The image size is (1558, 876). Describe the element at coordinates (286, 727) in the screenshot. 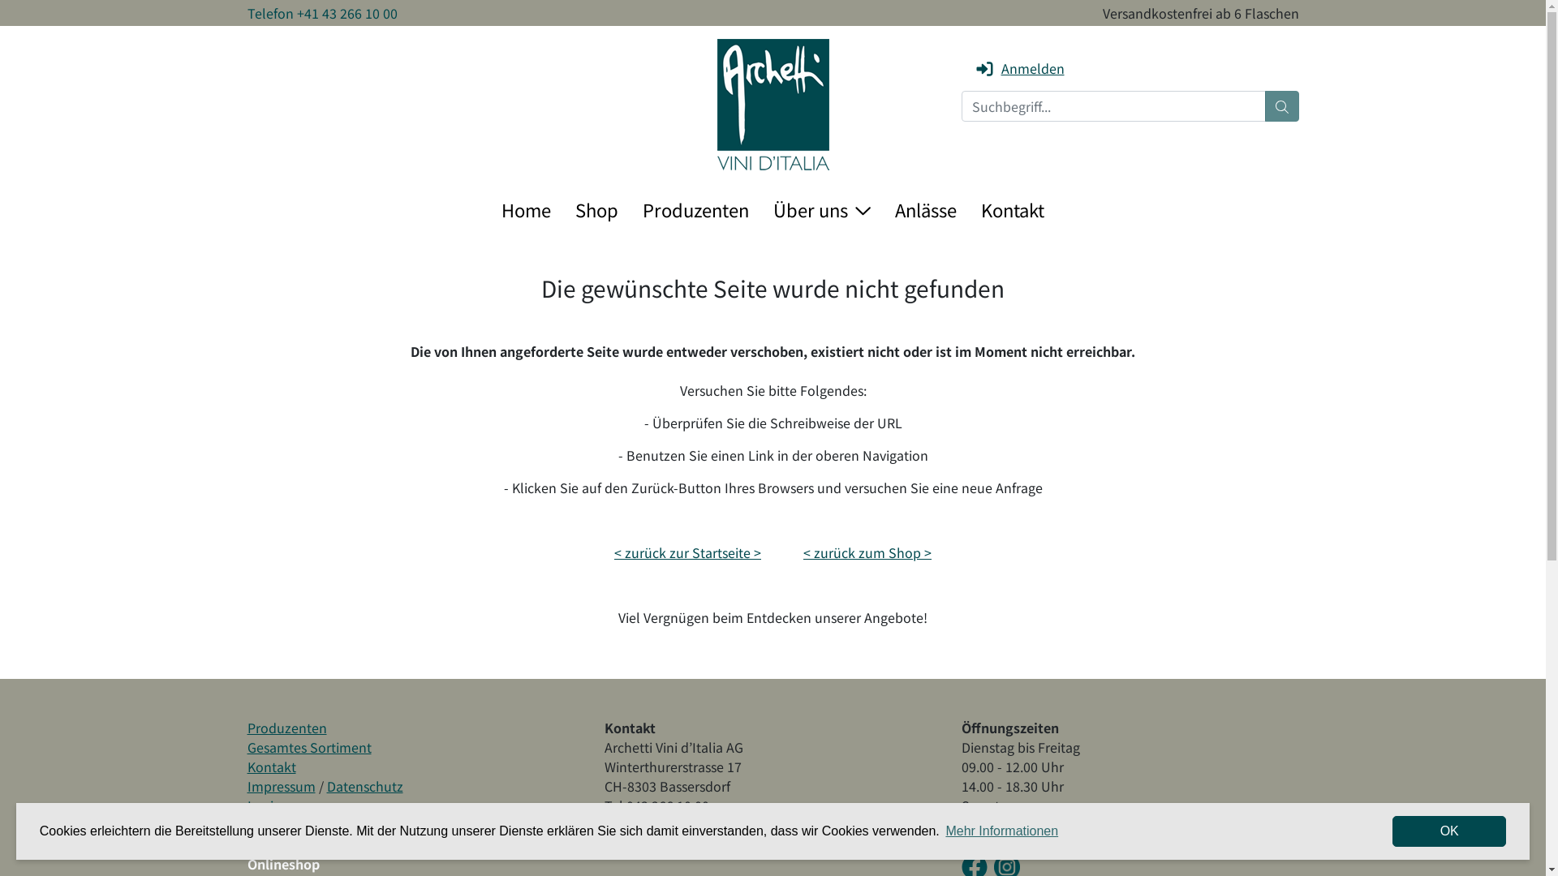

I see `'Produzenten'` at that location.